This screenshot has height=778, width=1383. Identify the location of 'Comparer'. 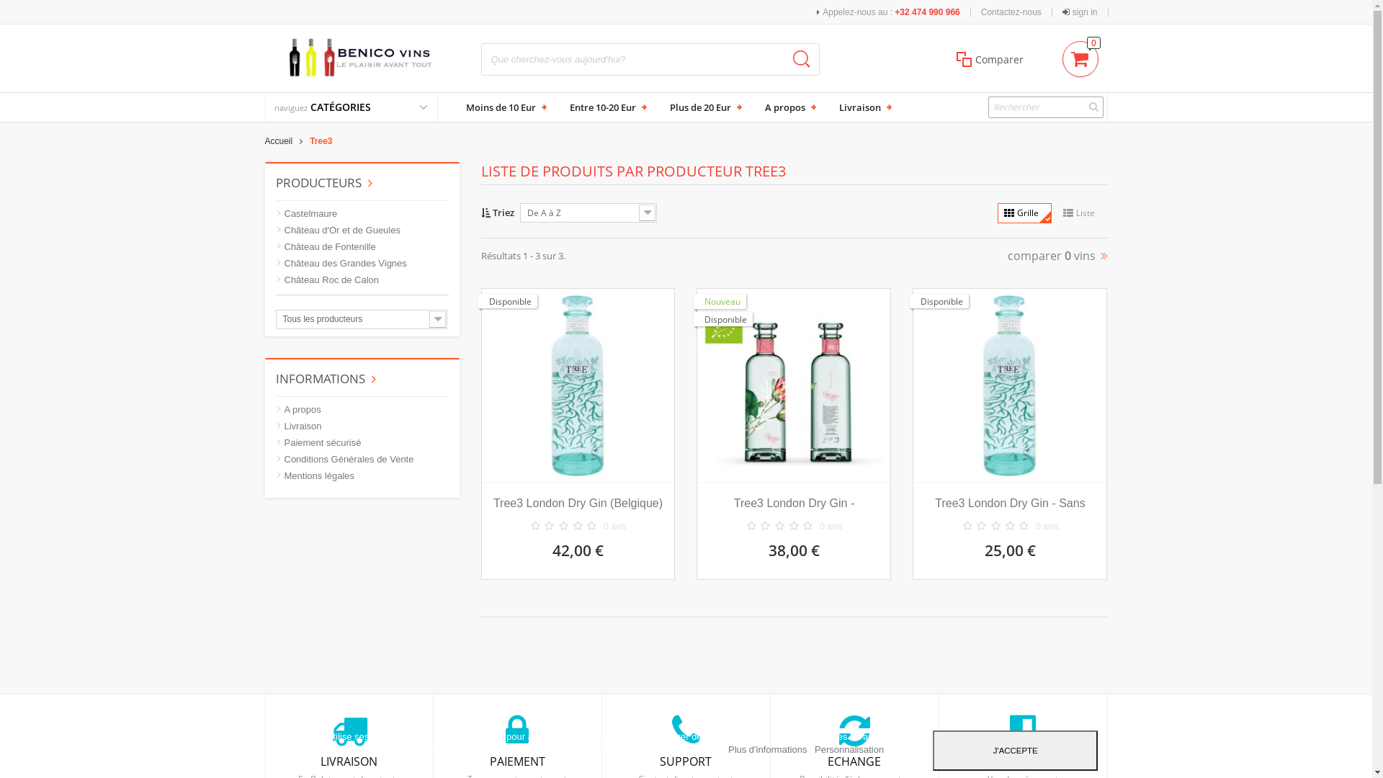
(951, 58).